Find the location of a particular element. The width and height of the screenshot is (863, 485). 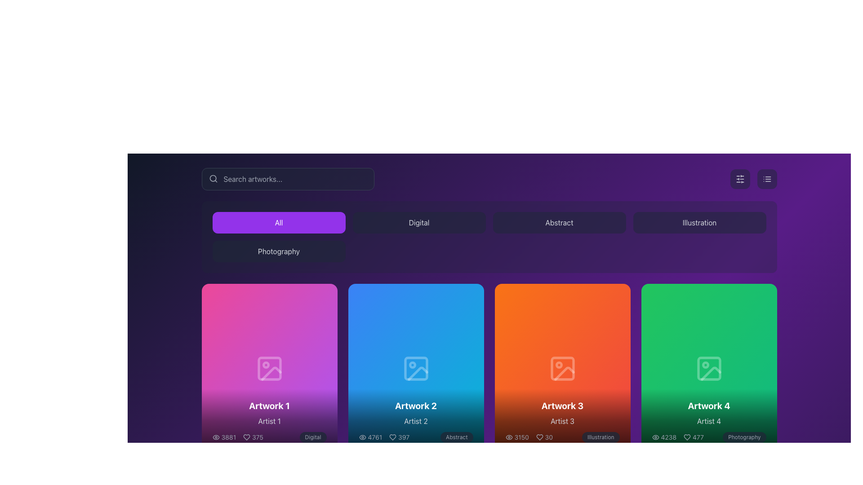

the heart-shaped icon located at the center of the fourth artwork card titled 'Artwork 4' by 'Artist 4' to like or favorite the associated item is located at coordinates (687, 436).